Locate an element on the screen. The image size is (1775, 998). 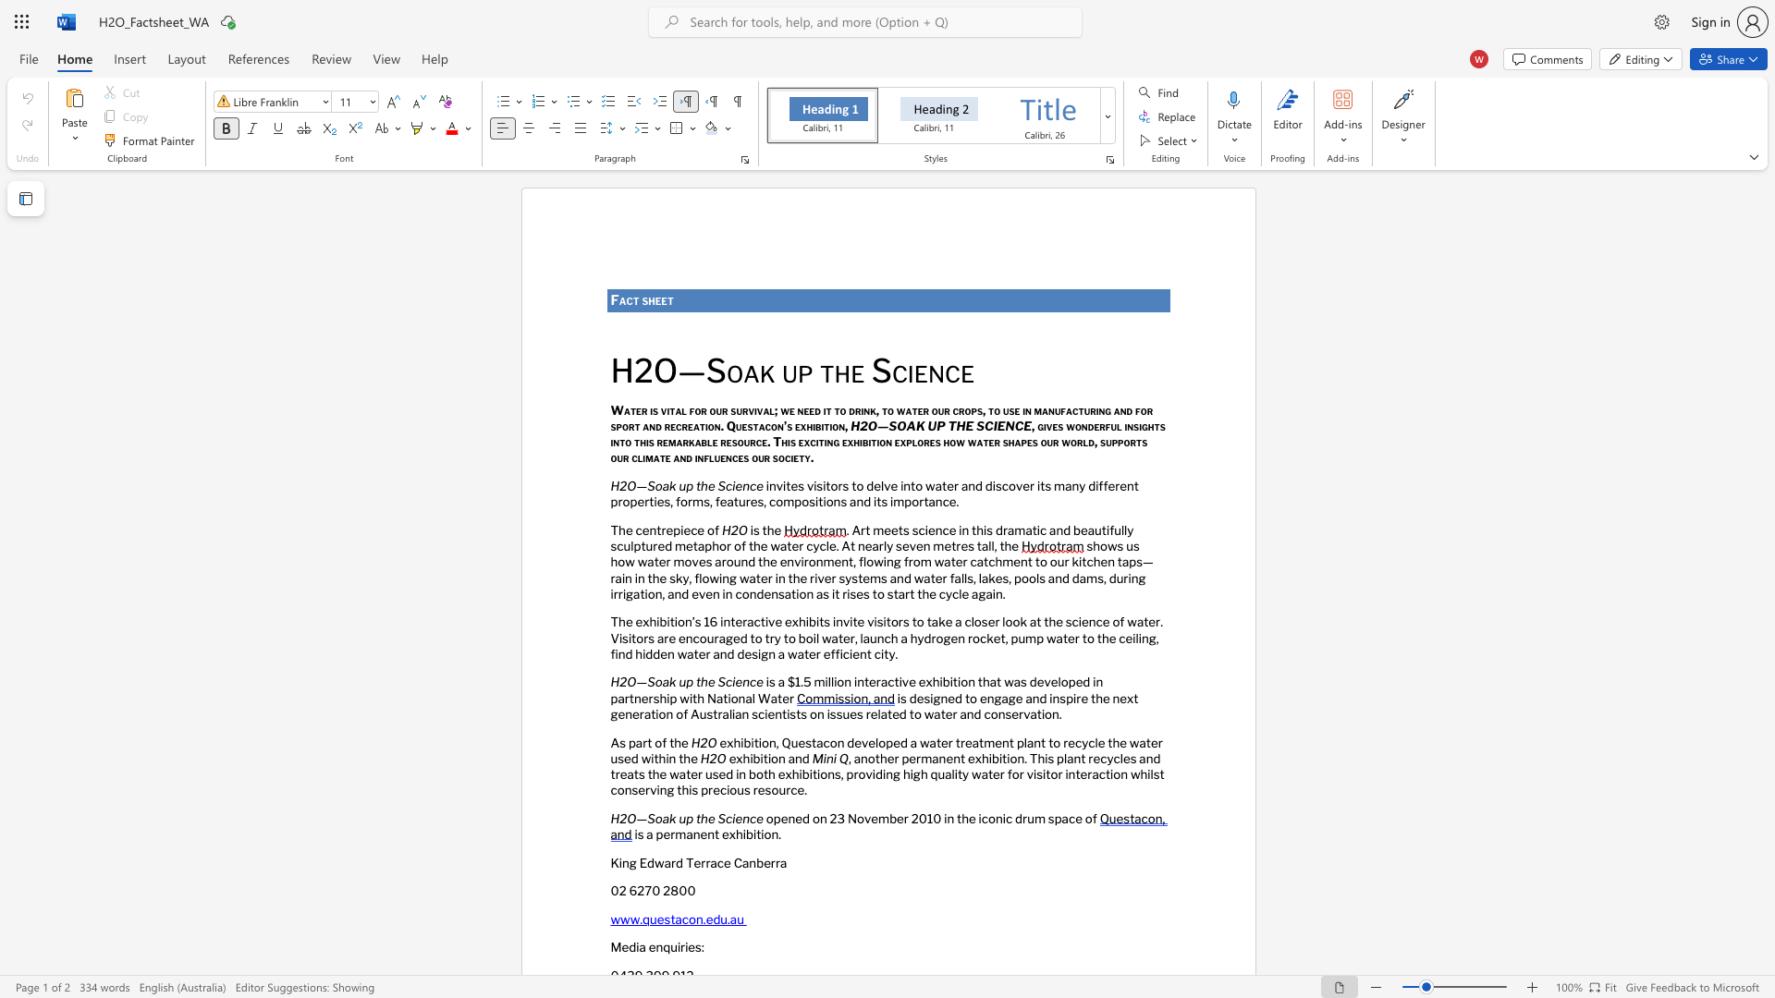
the subset text "tal for our survival; we need it to drink, to water our crops, to use in manufa" within the text "Water is vital for our survival; we need it to drink, to water our crops, to use in manufacturing and for sport and recreation. Questacon’s exhibition," is located at coordinates (668, 408).